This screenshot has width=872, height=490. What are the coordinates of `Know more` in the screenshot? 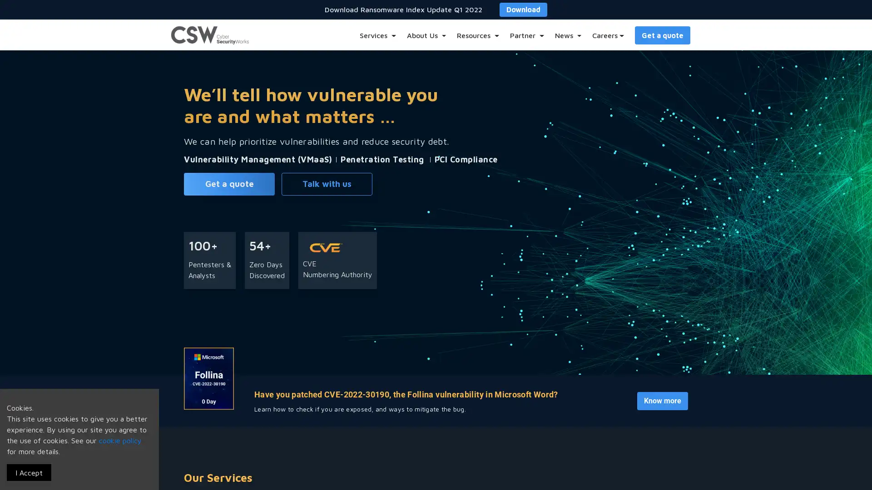 It's located at (663, 400).